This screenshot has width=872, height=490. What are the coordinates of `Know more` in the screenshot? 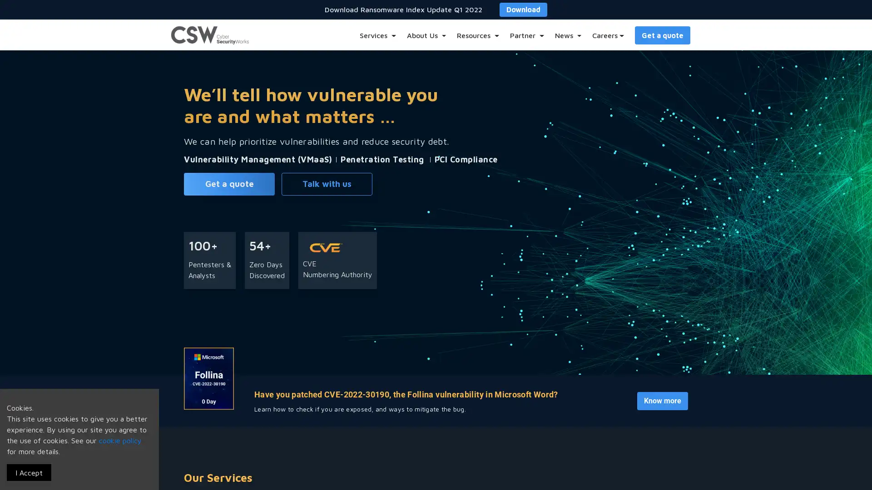 It's located at (663, 400).